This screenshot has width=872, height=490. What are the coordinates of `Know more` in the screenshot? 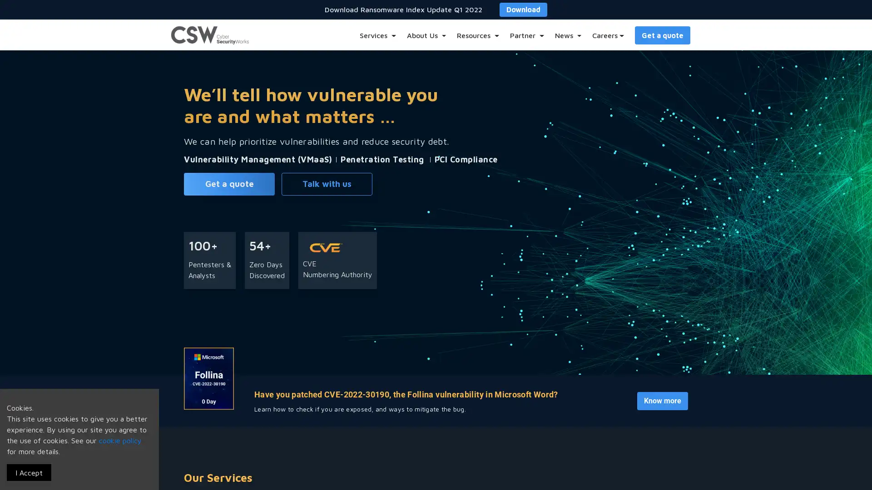 It's located at (663, 400).